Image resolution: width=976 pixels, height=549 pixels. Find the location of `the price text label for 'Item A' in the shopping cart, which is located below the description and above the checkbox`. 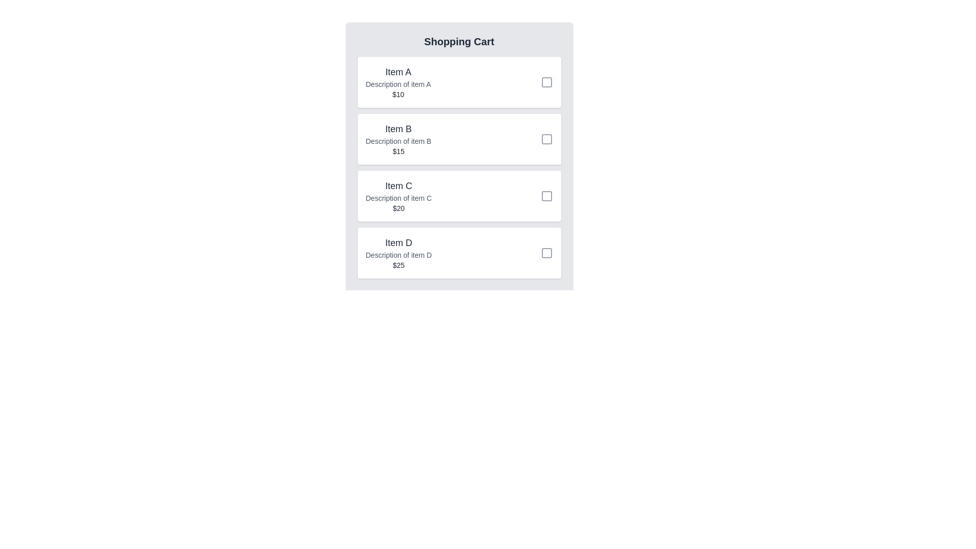

the price text label for 'Item A' in the shopping cart, which is located below the description and above the checkbox is located at coordinates (398, 94).